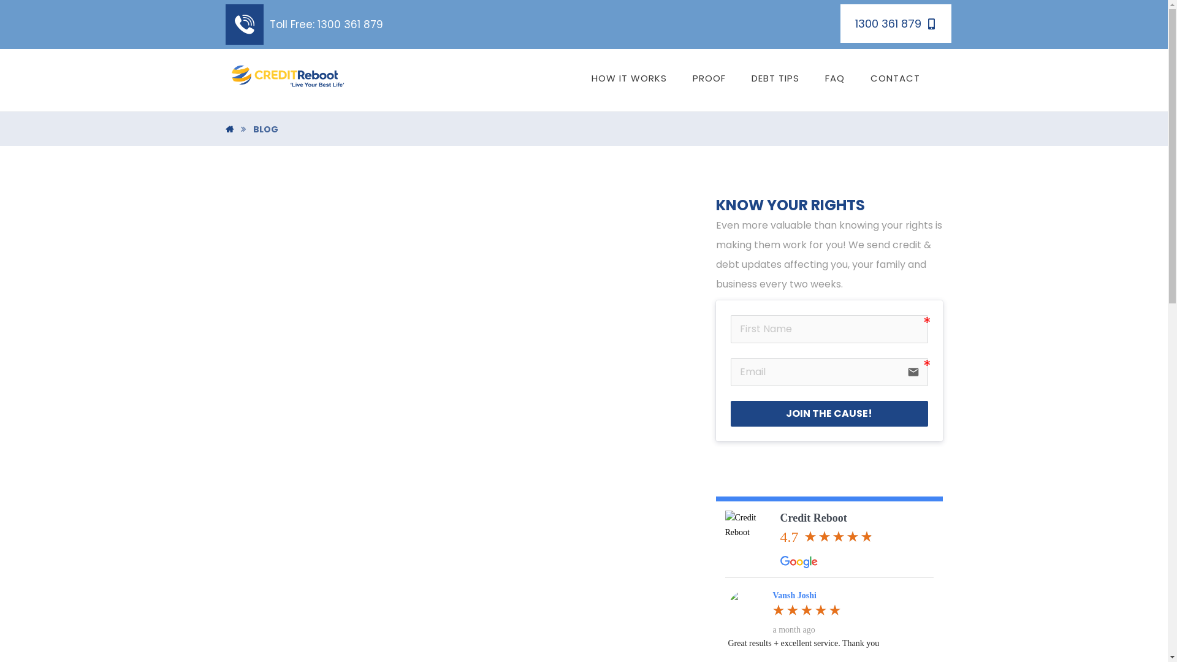 The image size is (1177, 662). I want to click on 'Credit Reboot', so click(779, 517).